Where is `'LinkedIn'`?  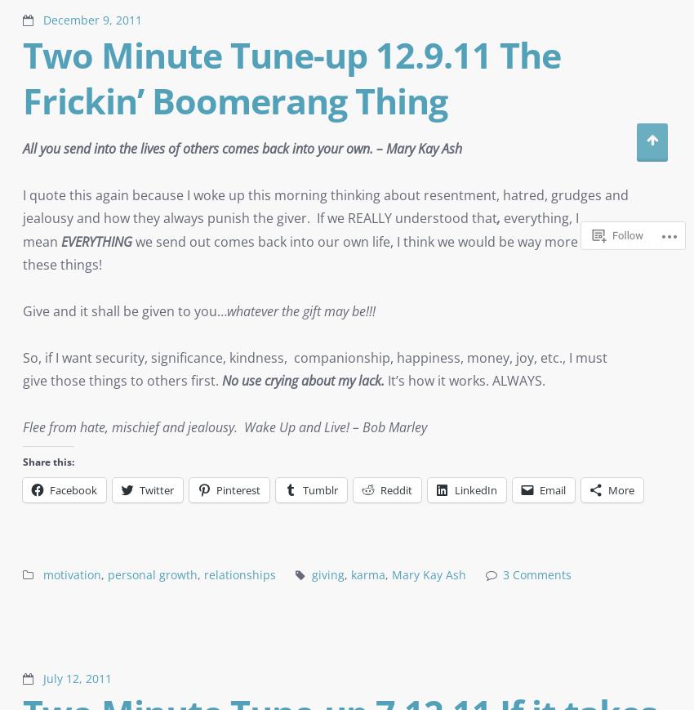
'LinkedIn' is located at coordinates (476, 489).